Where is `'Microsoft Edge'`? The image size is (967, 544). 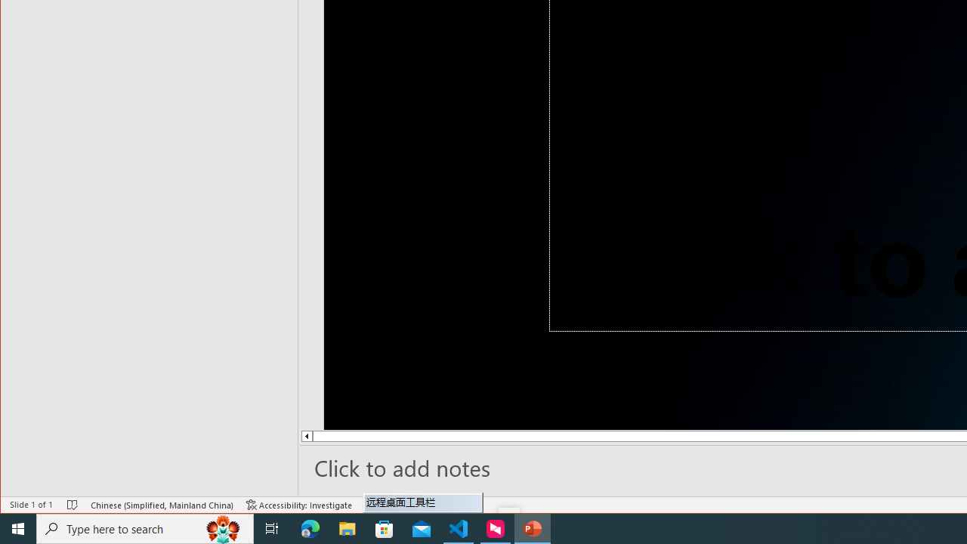 'Microsoft Edge' is located at coordinates (310, 527).